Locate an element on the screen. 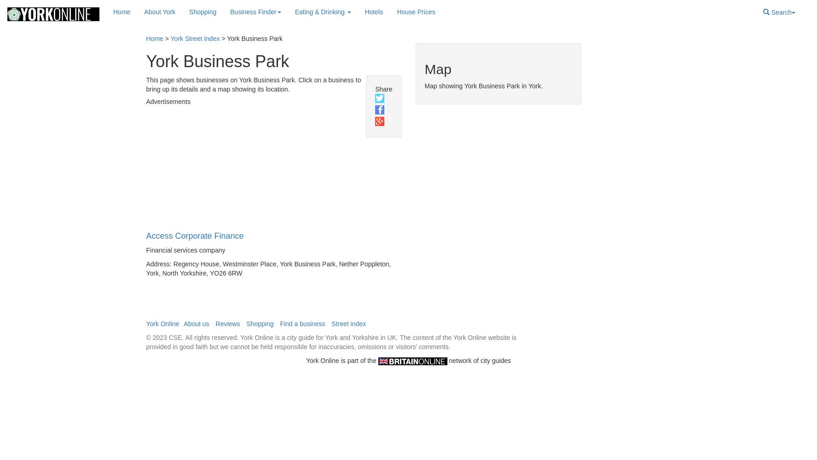  'Find a business' is located at coordinates (301, 323).